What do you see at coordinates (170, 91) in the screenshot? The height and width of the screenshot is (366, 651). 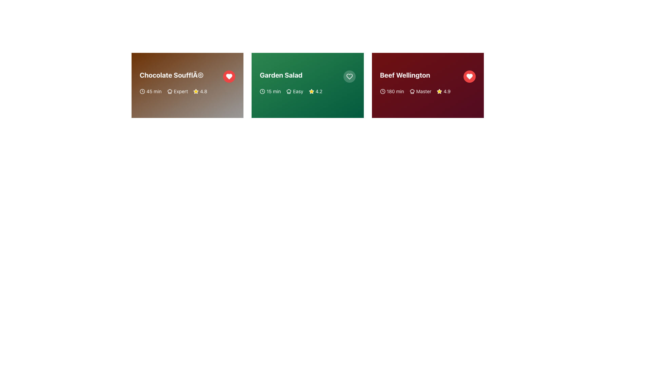 I see `the SVG-based icon representing a chef's hat, which is the leftmost item in the horizontal sequence and is centrally aligned with the text 'Expert' to its right` at bounding box center [170, 91].